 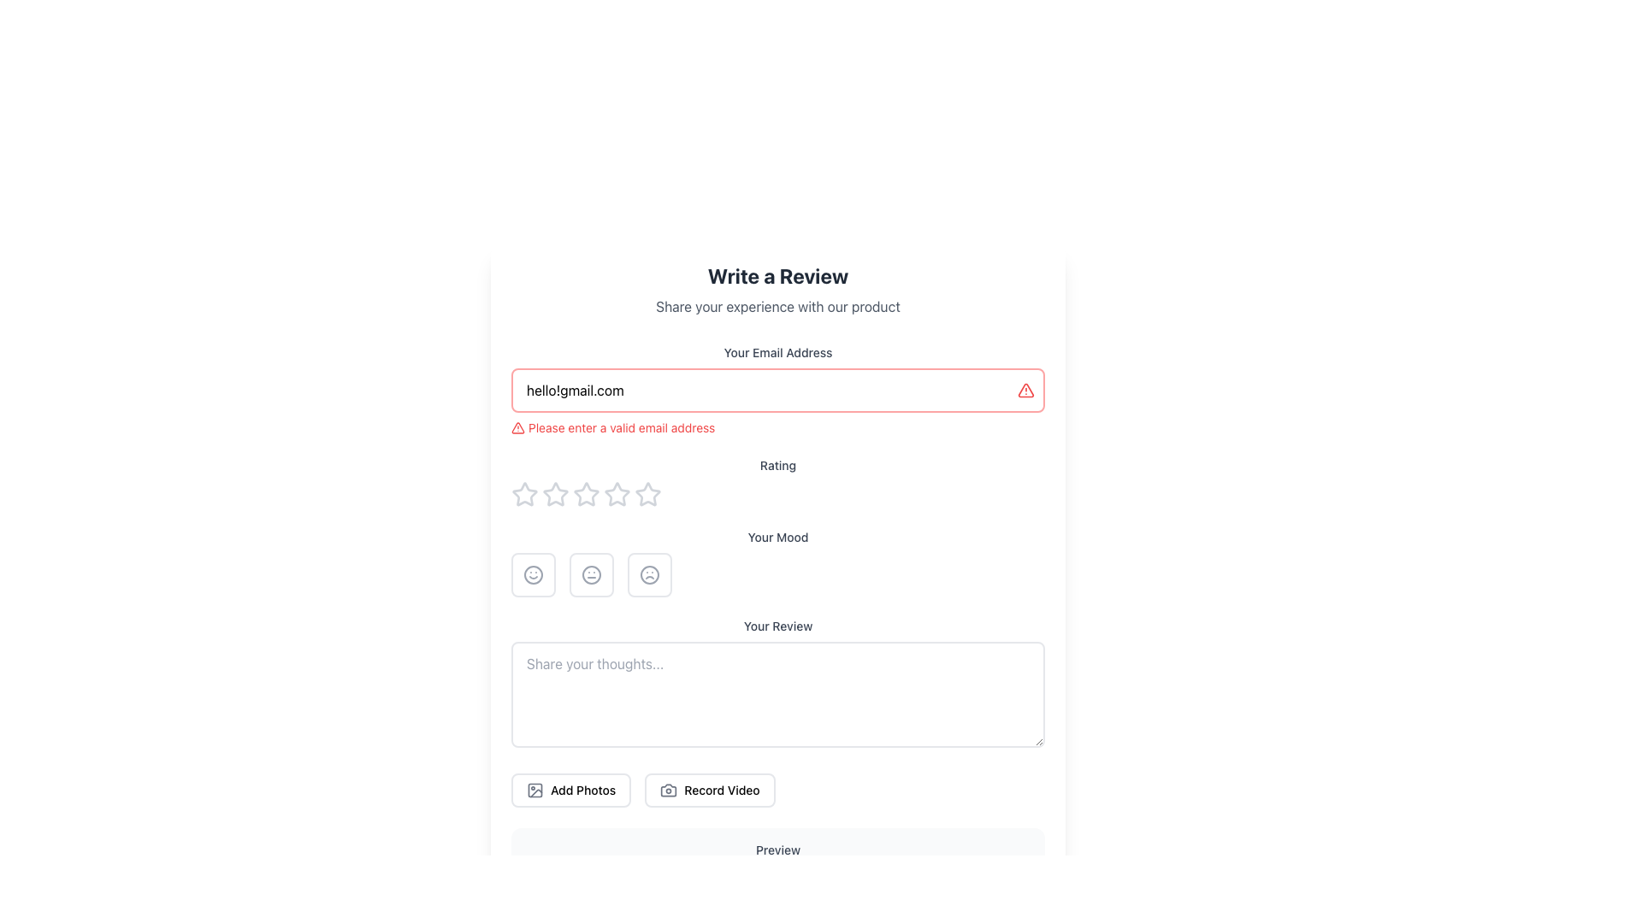 I want to click on the Progress indicator or placeholder bar, which is a gray rectangular bar with rounded corners, measuring 96 pixels wide and 12 pixels high, located towards the bottom portion of the interface, so click(x=627, y=890).